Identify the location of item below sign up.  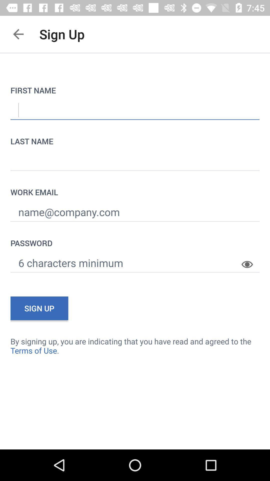
(135, 345).